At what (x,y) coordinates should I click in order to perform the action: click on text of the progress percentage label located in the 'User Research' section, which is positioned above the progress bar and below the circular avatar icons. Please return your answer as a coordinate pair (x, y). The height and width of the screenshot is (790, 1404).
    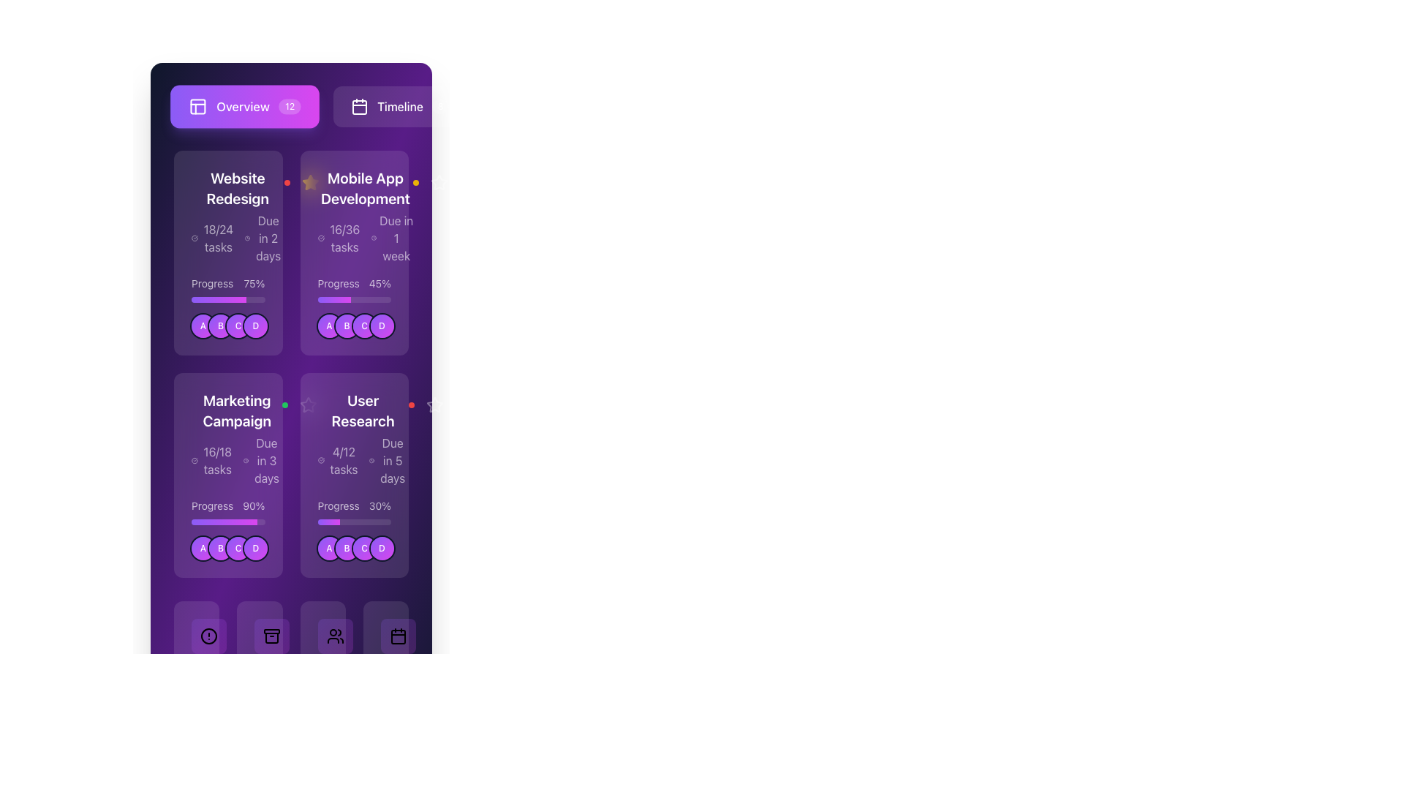
    Looking at the image, I should click on (354, 505).